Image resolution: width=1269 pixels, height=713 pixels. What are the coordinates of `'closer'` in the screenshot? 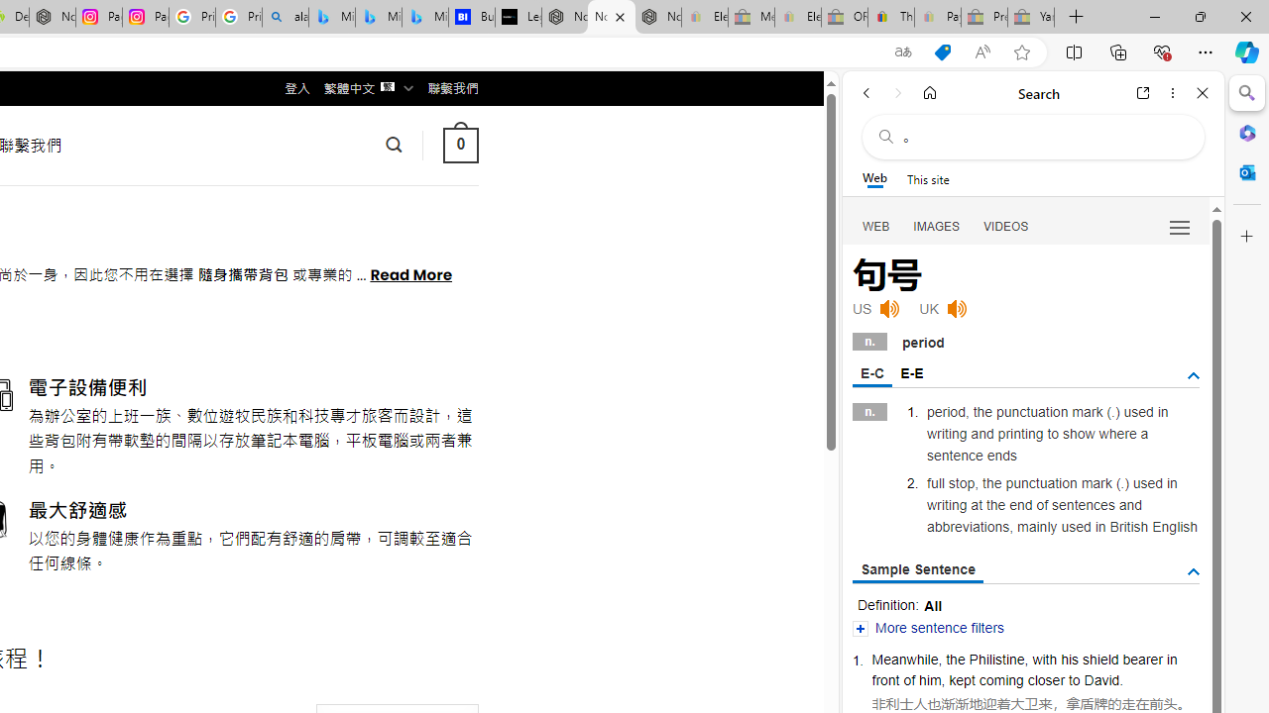 It's located at (1045, 678).